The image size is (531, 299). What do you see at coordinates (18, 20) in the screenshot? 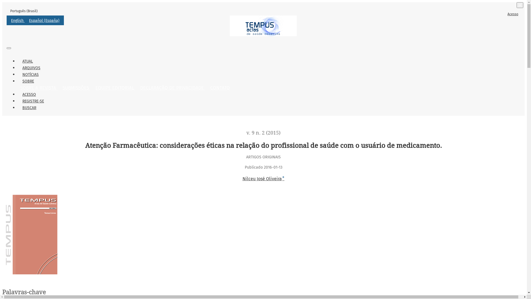
I see `'English'` at bounding box center [18, 20].